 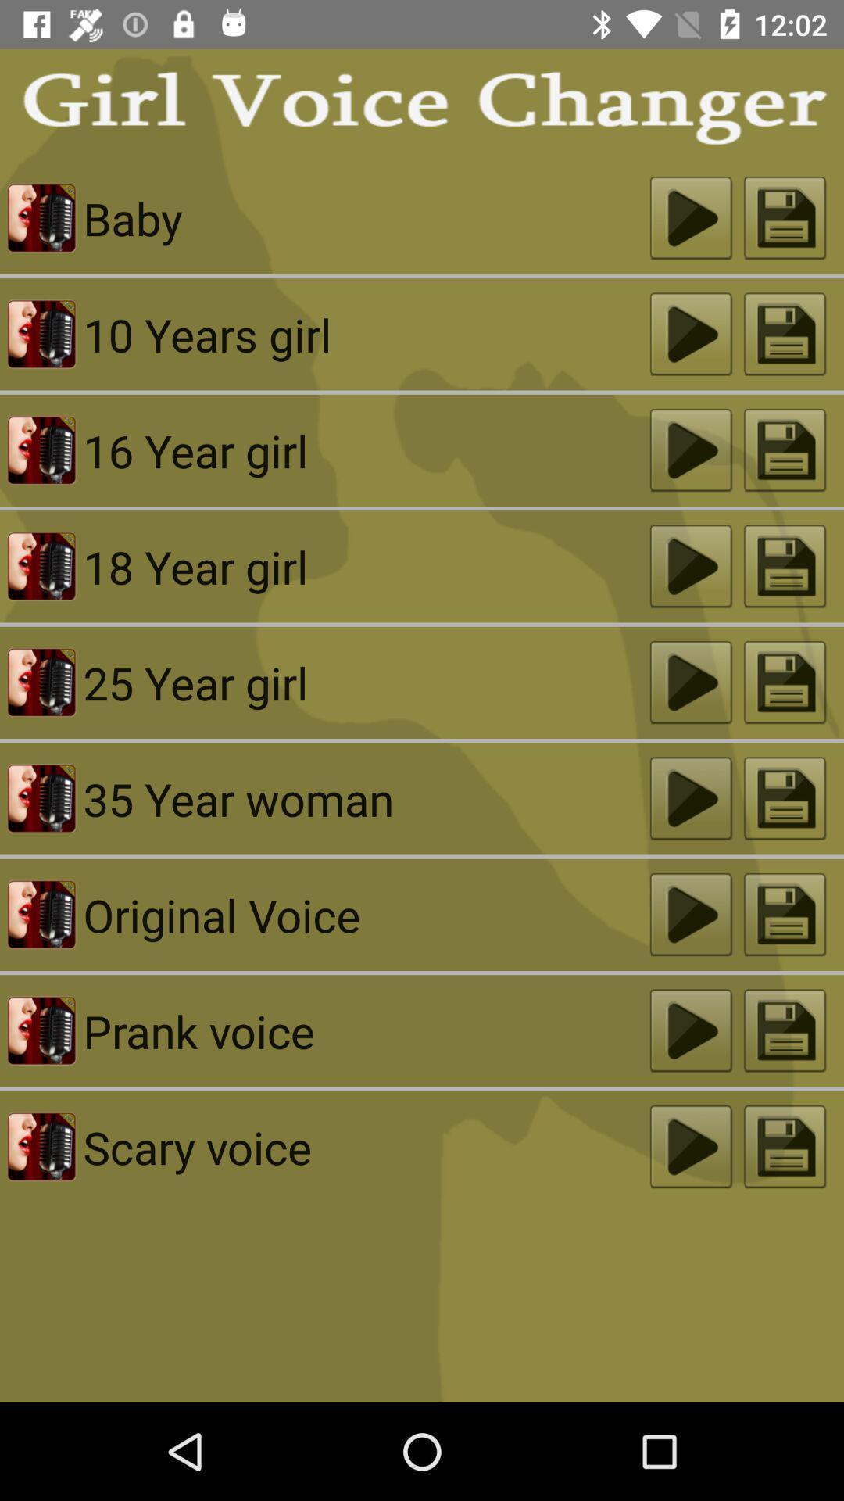 What do you see at coordinates (367, 1147) in the screenshot?
I see `the scary voice  icon` at bounding box center [367, 1147].